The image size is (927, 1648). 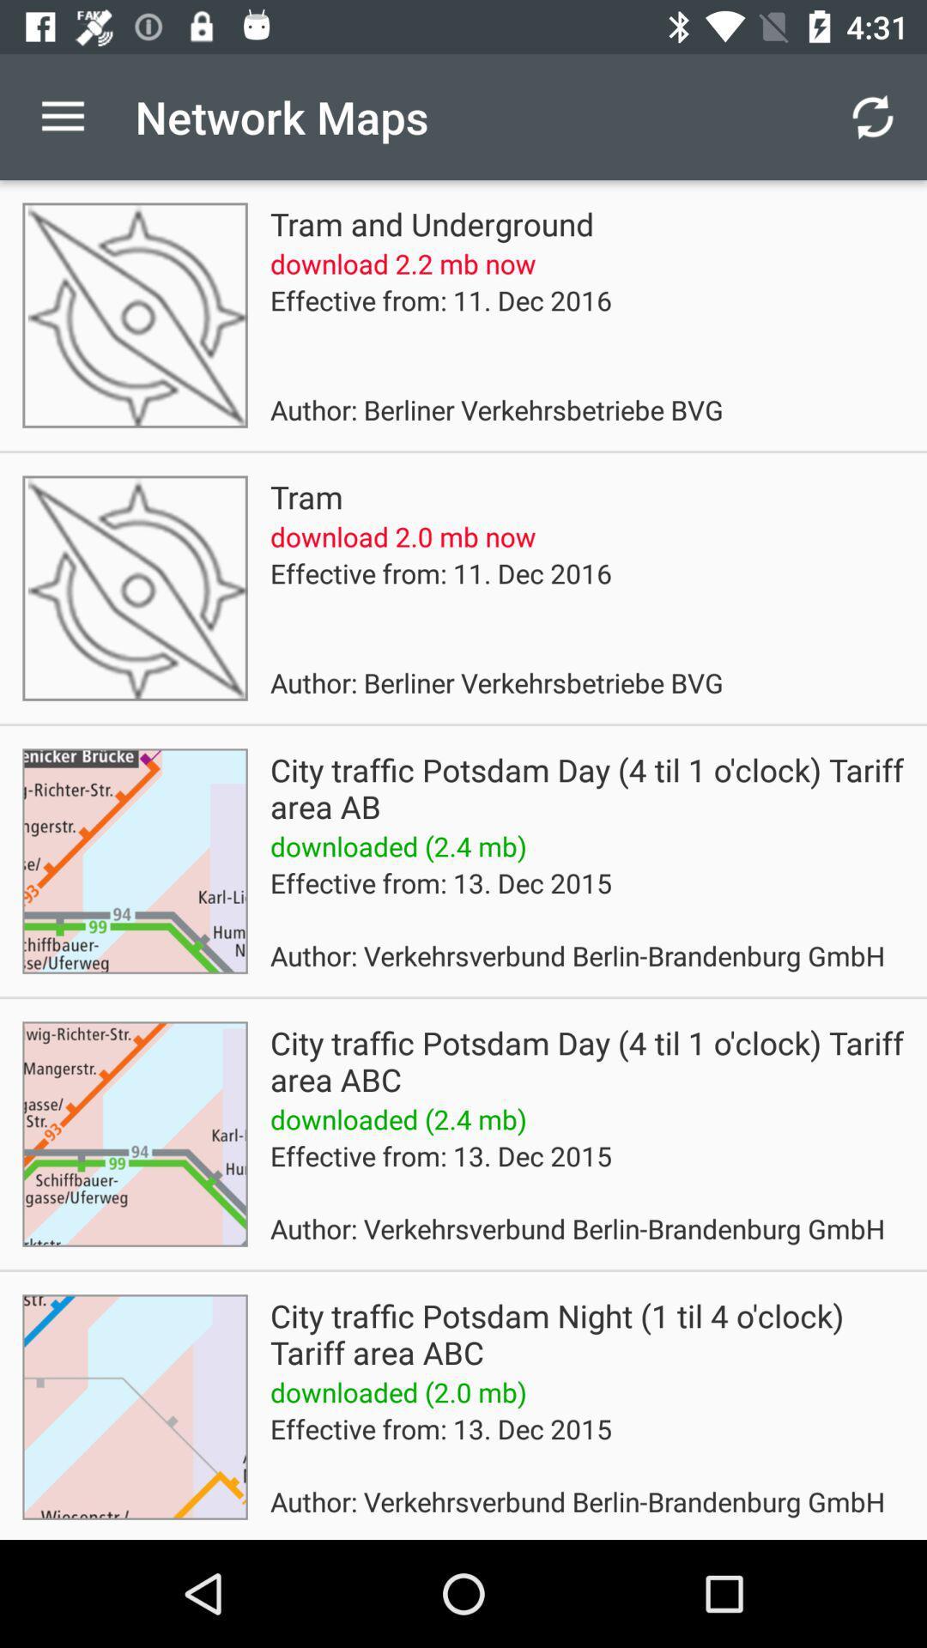 What do you see at coordinates (431, 222) in the screenshot?
I see `icon above the download 2 2 icon` at bounding box center [431, 222].